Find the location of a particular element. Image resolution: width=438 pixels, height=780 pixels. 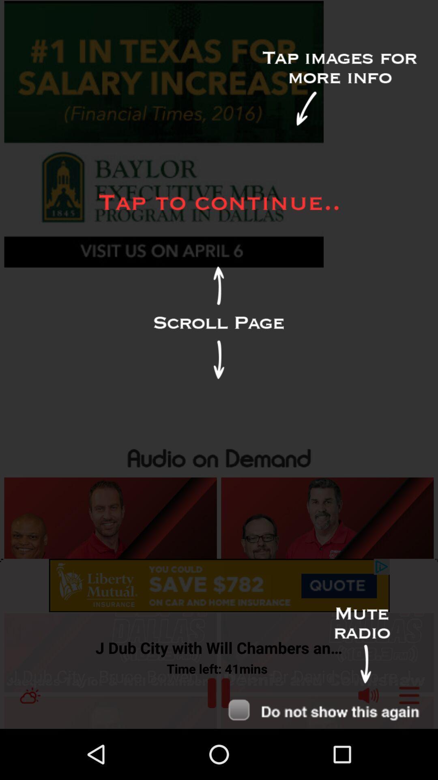

bottom text is located at coordinates (327, 712).